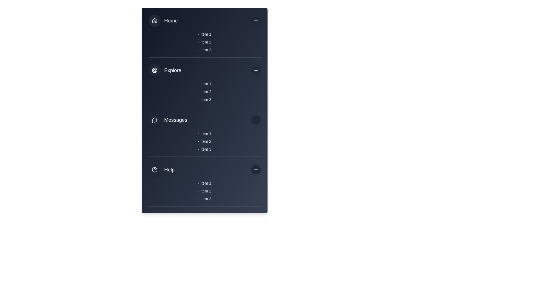  What do you see at coordinates (161, 169) in the screenshot?
I see `the 'Help' text and icon link, which includes a circular question mark icon and is located in the bottom section of the navigation menu, below 'Messages.'` at bounding box center [161, 169].